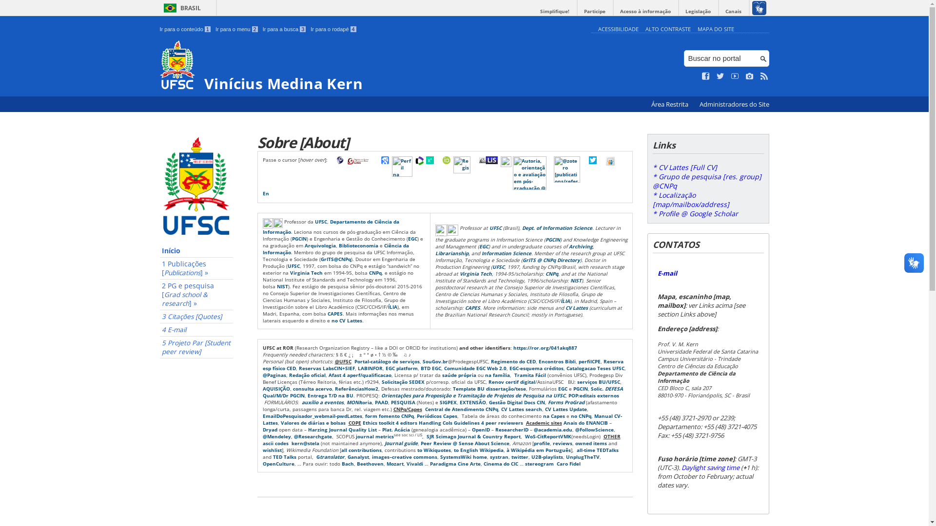 The height and width of the screenshot is (526, 936). Describe the element at coordinates (277, 463) in the screenshot. I see `'OpenCulture'` at that location.